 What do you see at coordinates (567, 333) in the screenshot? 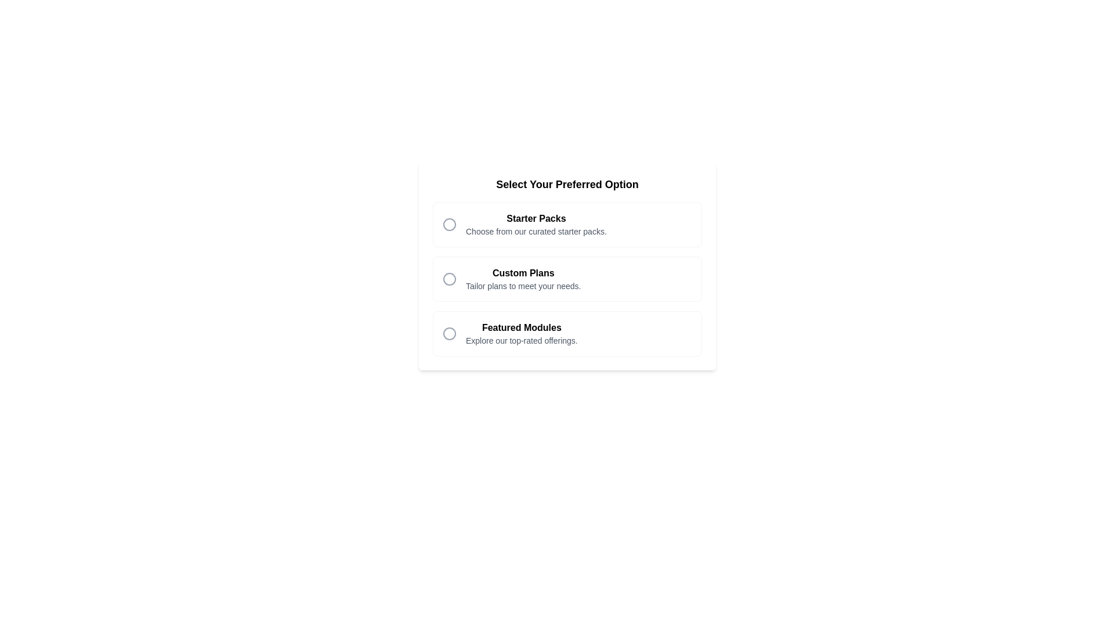
I see `the third selectable list item labeled 'Featured Modules' which has a bold title and a smaller gray subtitle` at bounding box center [567, 333].